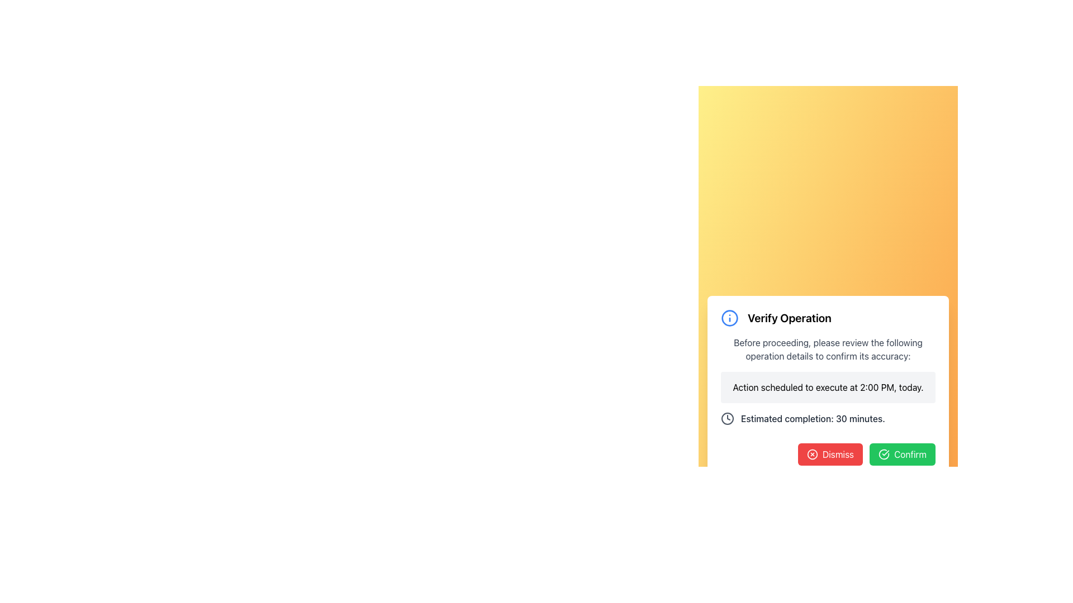 This screenshot has width=1073, height=603. I want to click on the red 'Dismiss' button located at the bottom of the 'Verify Operation' modal, so click(828, 449).